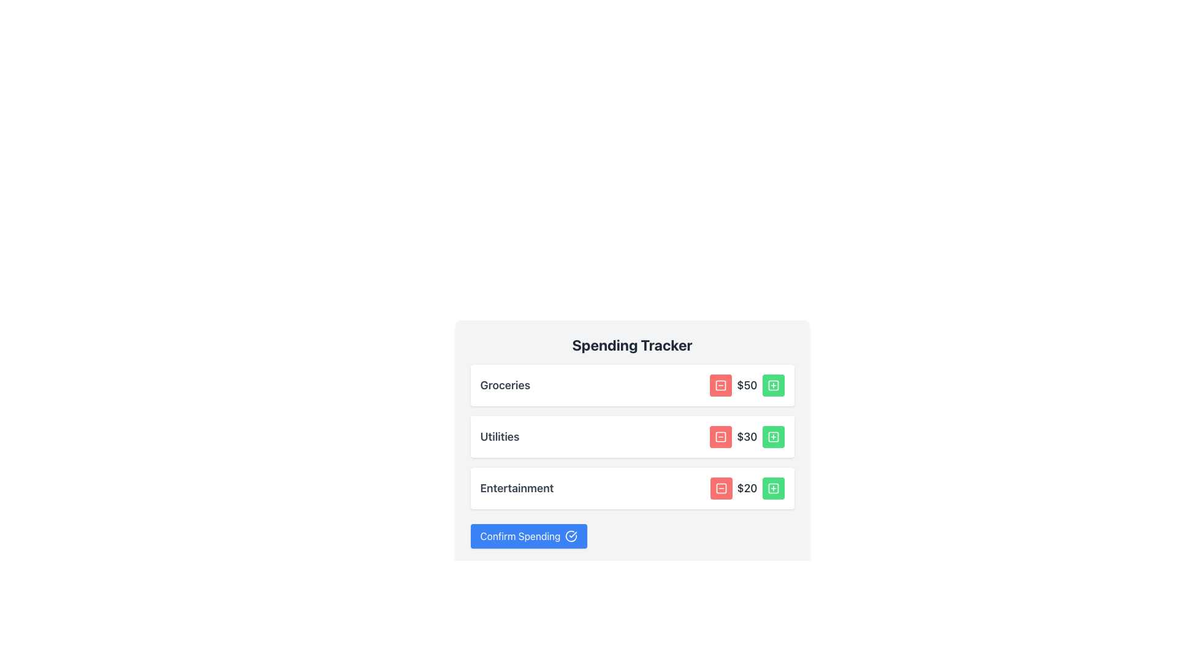 The height and width of the screenshot is (662, 1177). What do you see at coordinates (746, 384) in the screenshot?
I see `the text display showing the value '$50' in gray, located between the red minus button and the green plus button in the 'Groceries' row of the spending tracker interface` at bounding box center [746, 384].